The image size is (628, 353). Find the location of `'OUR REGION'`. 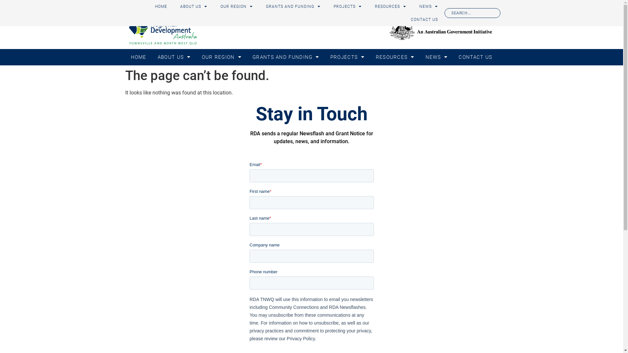

'OUR REGION' is located at coordinates (221, 57).